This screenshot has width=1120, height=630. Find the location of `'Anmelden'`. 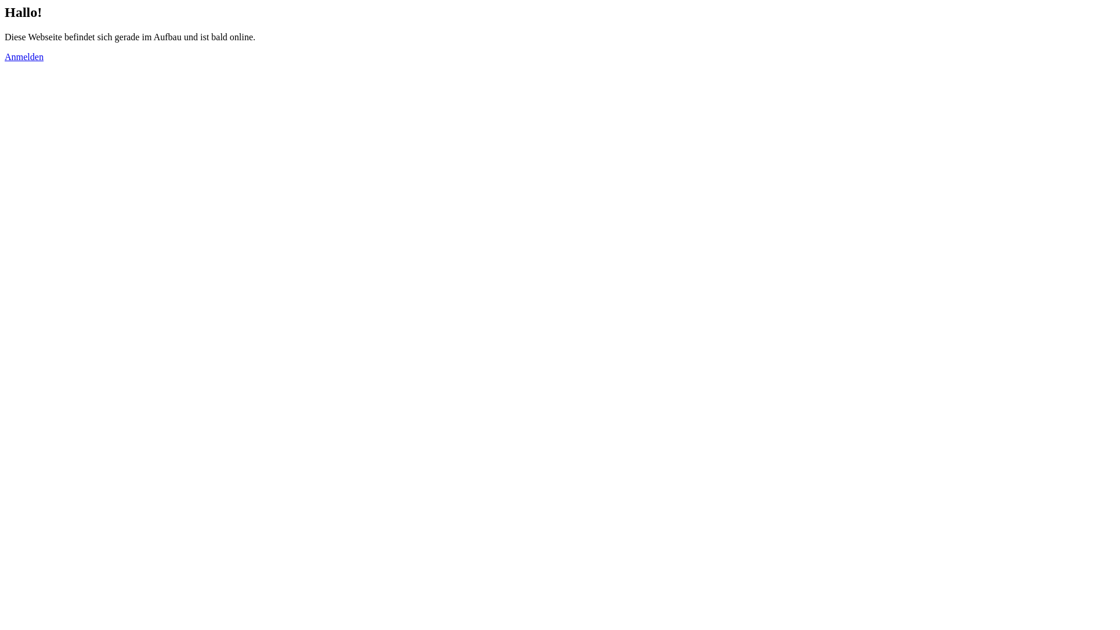

'Anmelden' is located at coordinates (5, 57).